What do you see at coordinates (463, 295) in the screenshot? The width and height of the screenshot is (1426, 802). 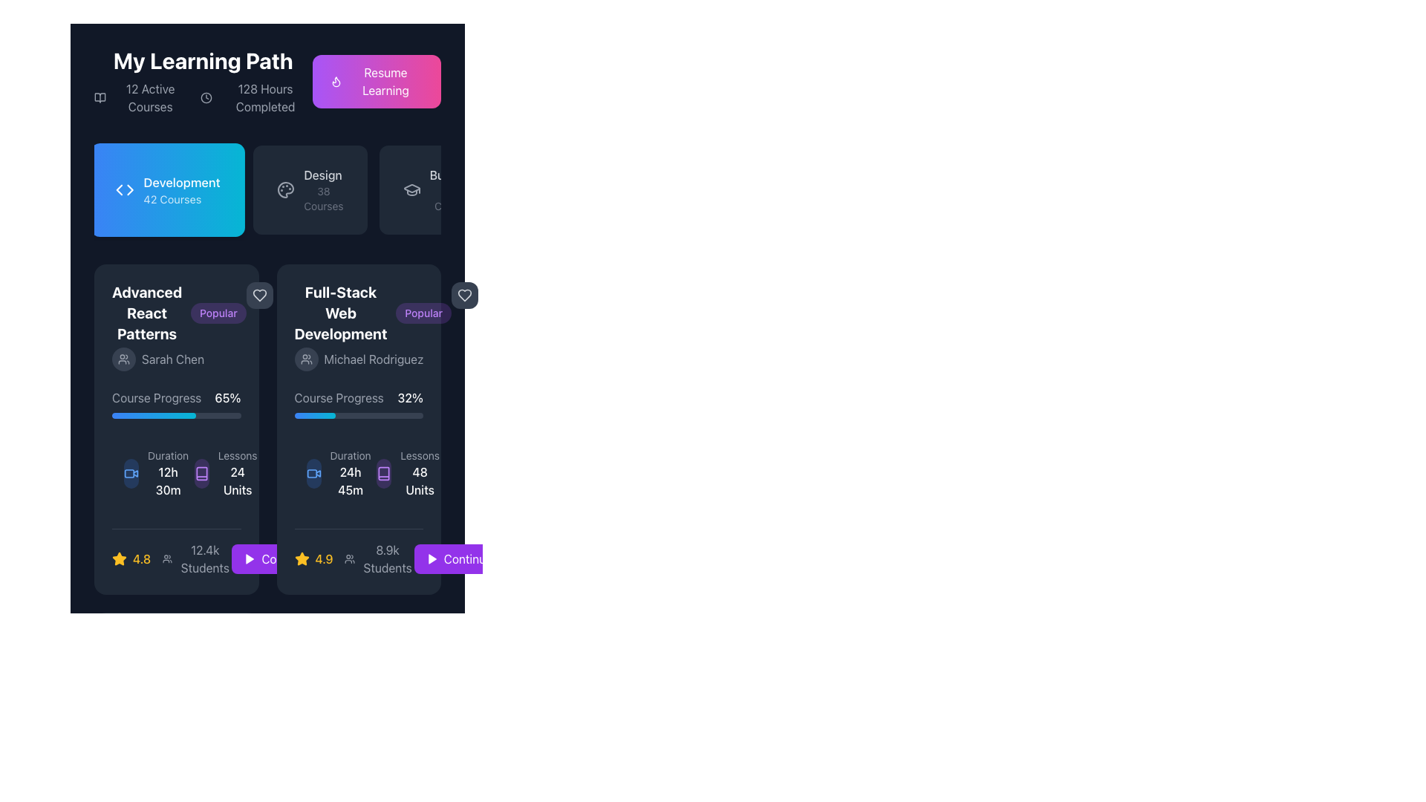 I see `the heart icon button located in the top-right corner of the 'Full-Stack Web Development' card` at bounding box center [463, 295].